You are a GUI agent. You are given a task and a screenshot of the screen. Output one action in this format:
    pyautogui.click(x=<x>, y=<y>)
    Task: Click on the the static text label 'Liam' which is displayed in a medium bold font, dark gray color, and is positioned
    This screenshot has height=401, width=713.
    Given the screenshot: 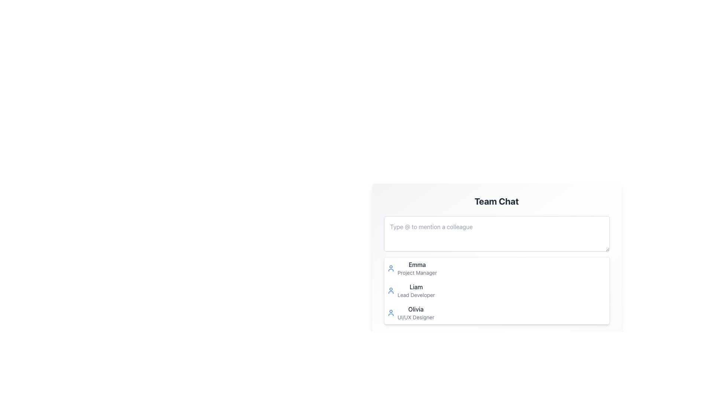 What is the action you would take?
    pyautogui.click(x=415, y=286)
    